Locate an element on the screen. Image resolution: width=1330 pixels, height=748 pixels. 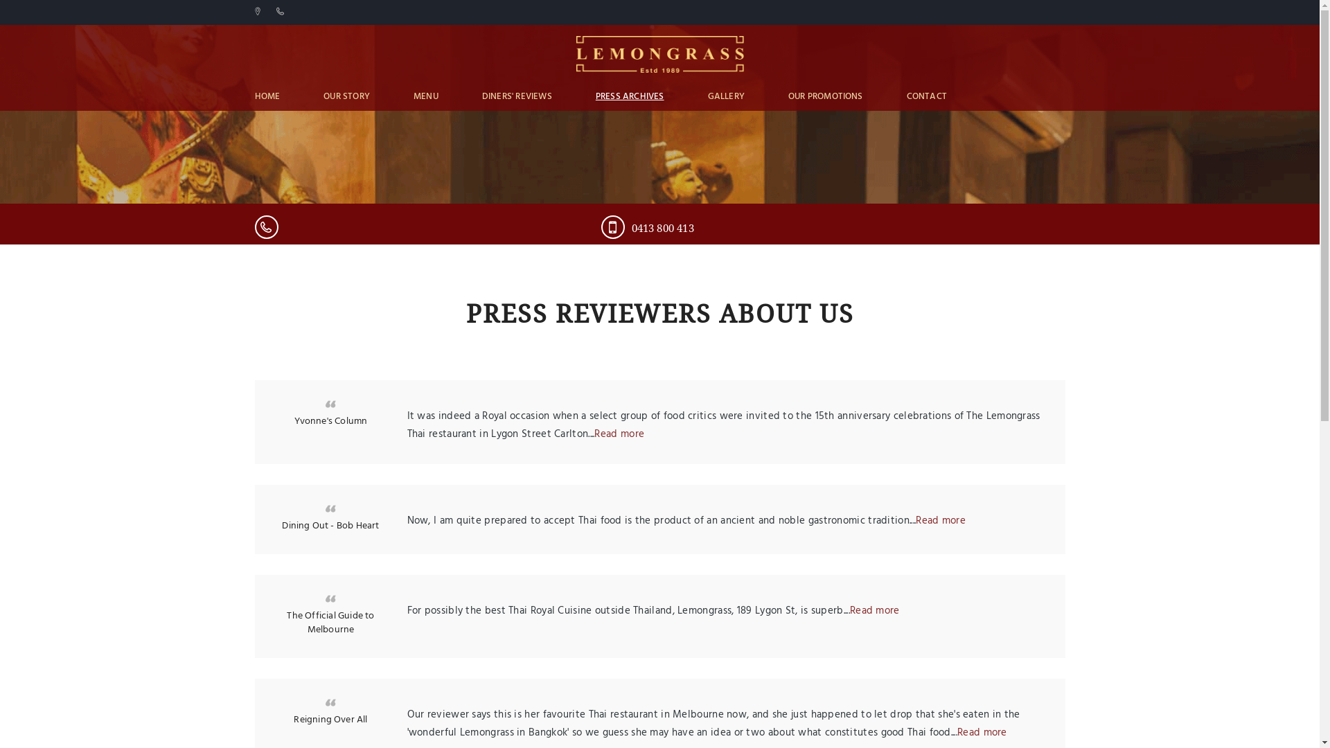
'Read more' is located at coordinates (618, 434).